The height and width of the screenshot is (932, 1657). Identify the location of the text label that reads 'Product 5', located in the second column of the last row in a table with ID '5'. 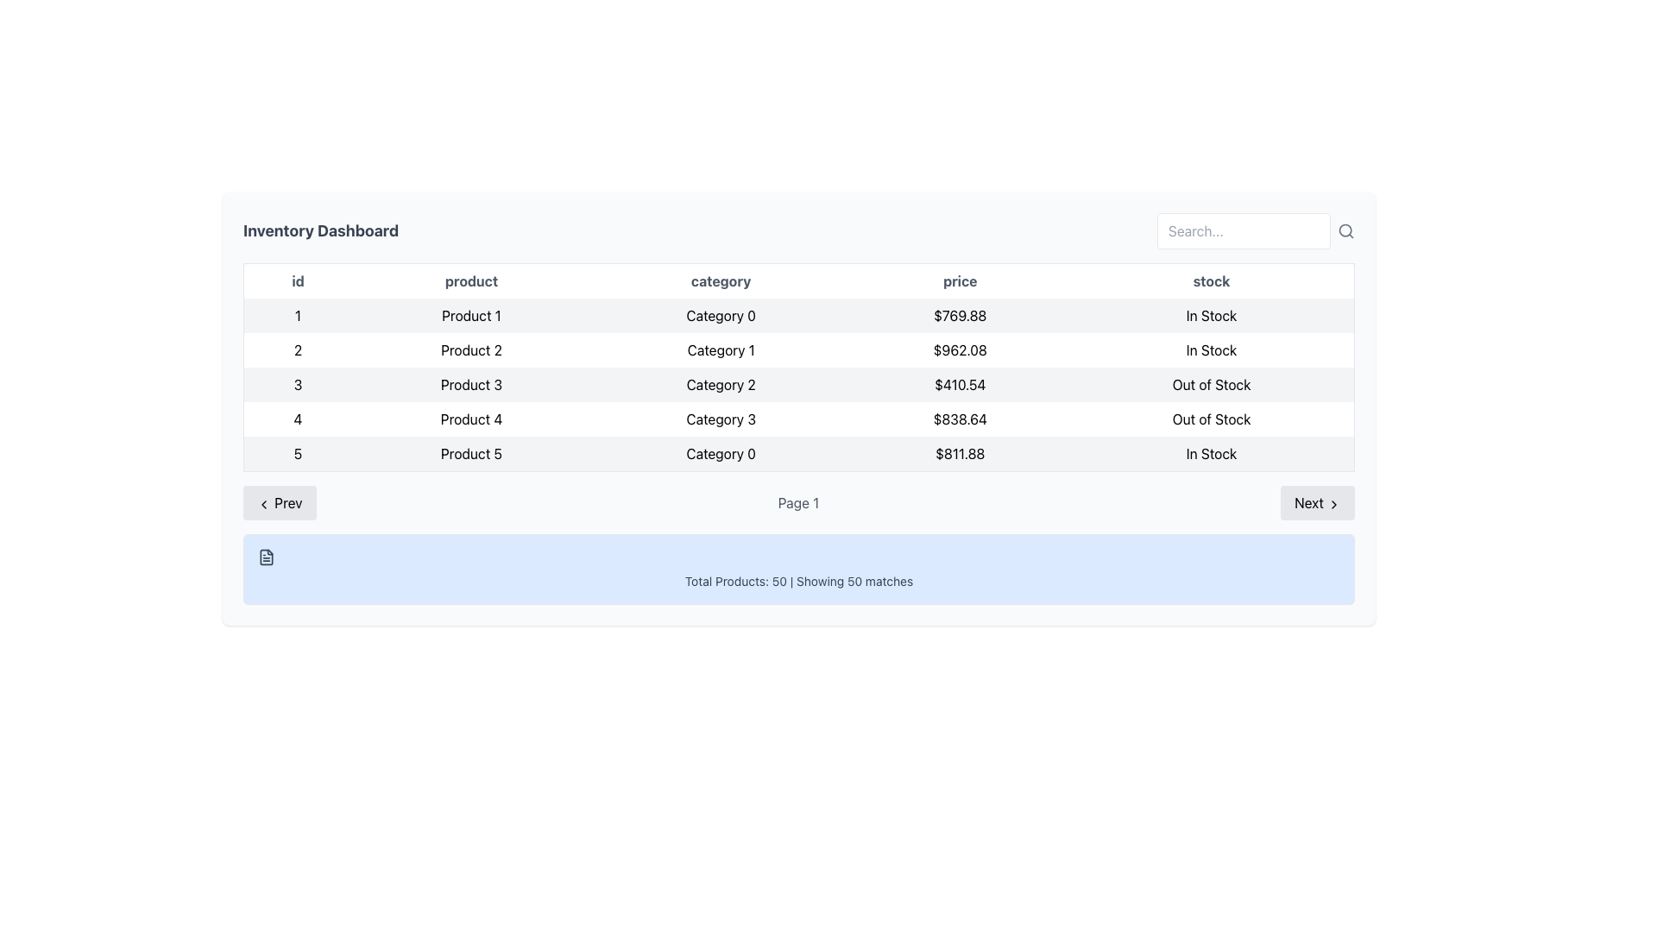
(471, 453).